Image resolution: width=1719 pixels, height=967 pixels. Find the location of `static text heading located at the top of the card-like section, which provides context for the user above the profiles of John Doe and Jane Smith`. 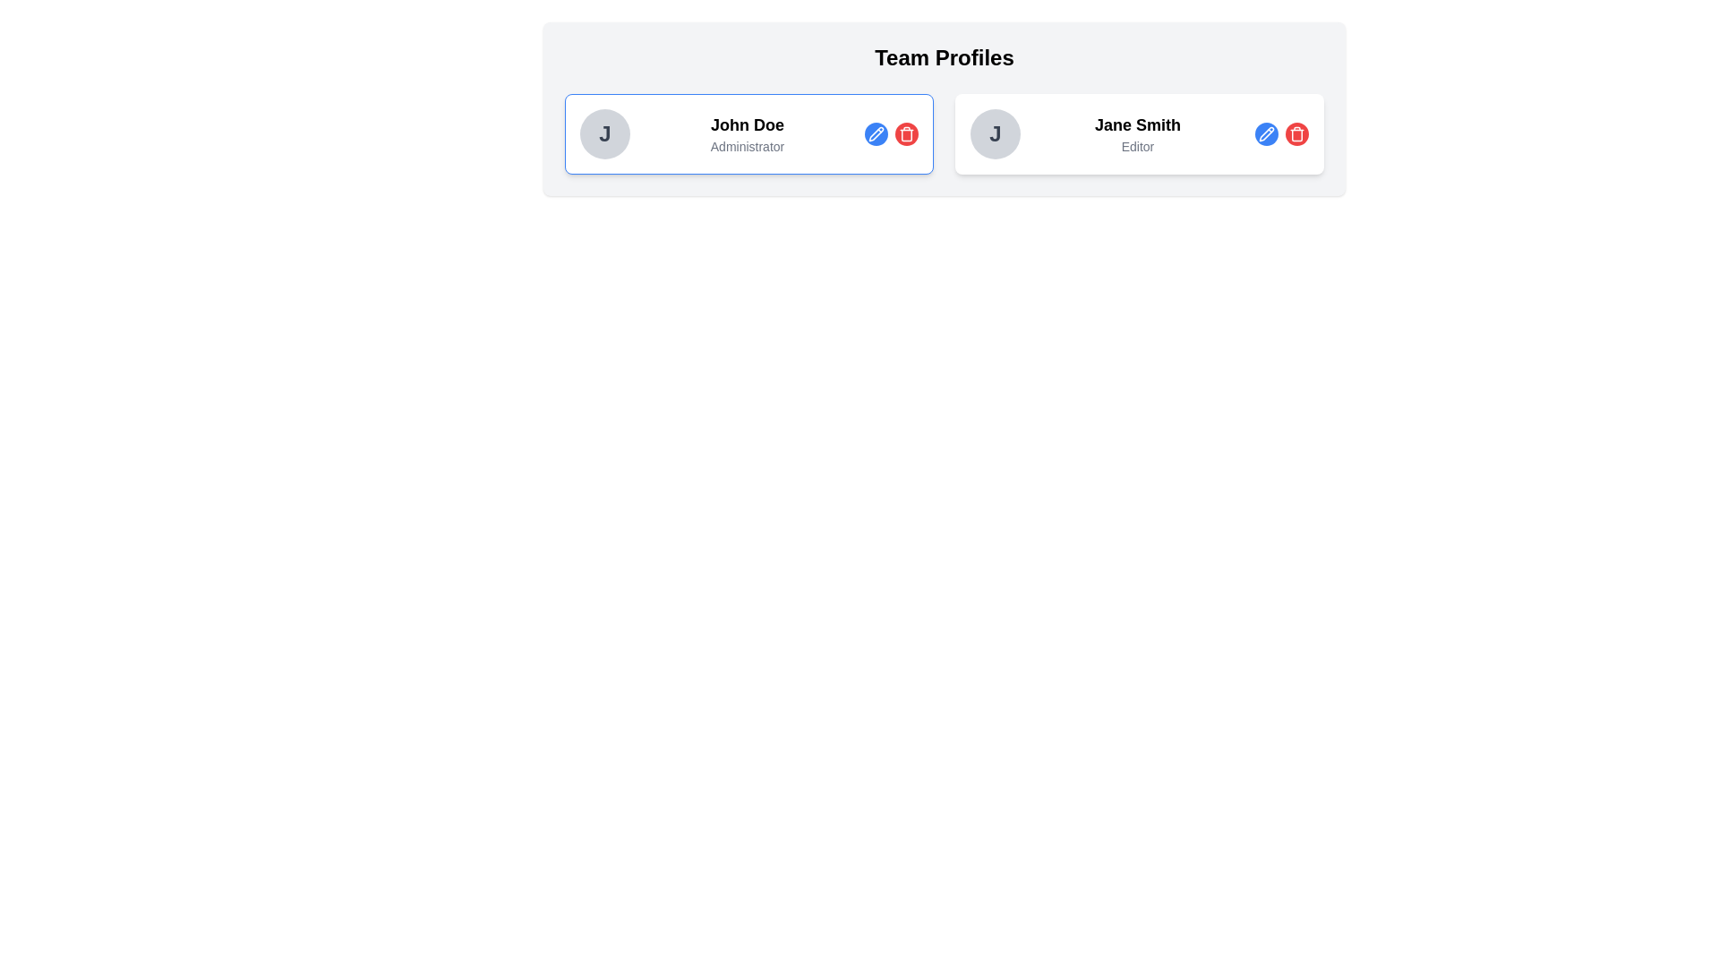

static text heading located at the top of the card-like section, which provides context for the user above the profiles of John Doe and Jane Smith is located at coordinates (944, 57).